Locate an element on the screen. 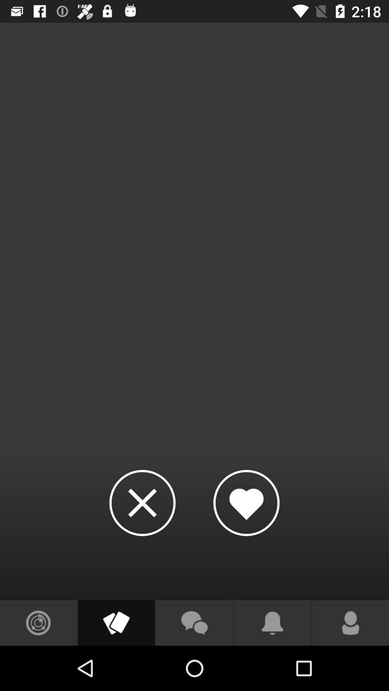 The image size is (389, 691). the notifications icon is located at coordinates (272, 623).